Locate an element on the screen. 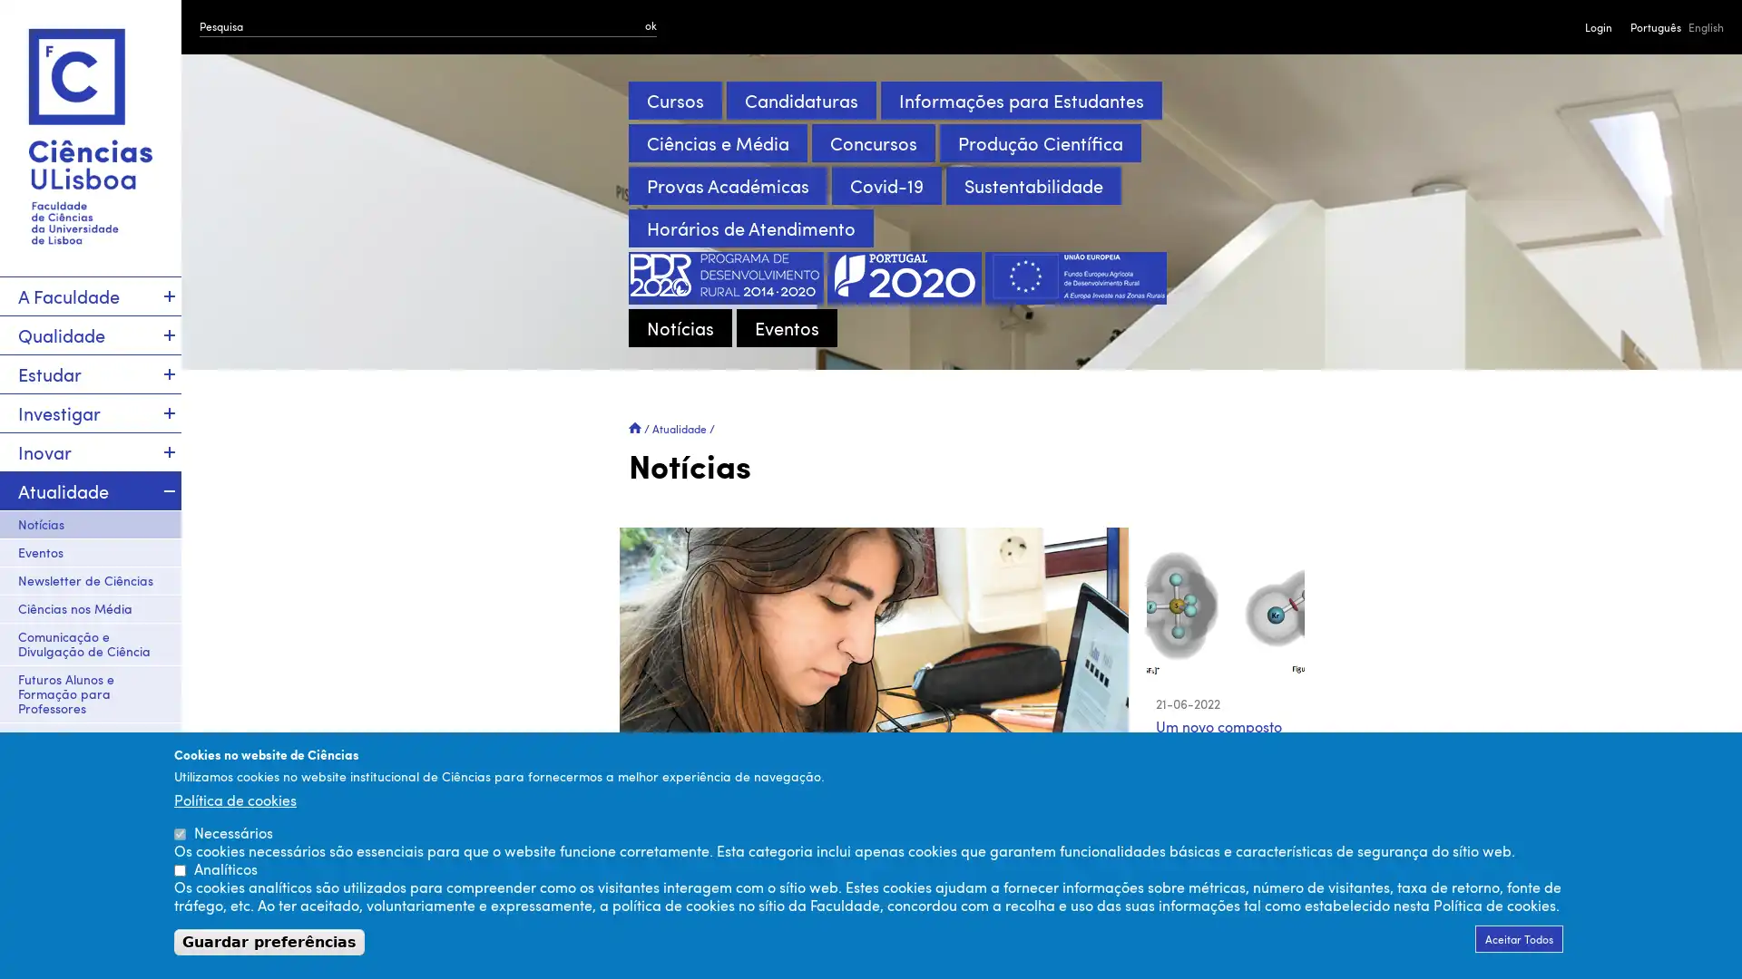  Aceitar Todos is located at coordinates (1519, 938).